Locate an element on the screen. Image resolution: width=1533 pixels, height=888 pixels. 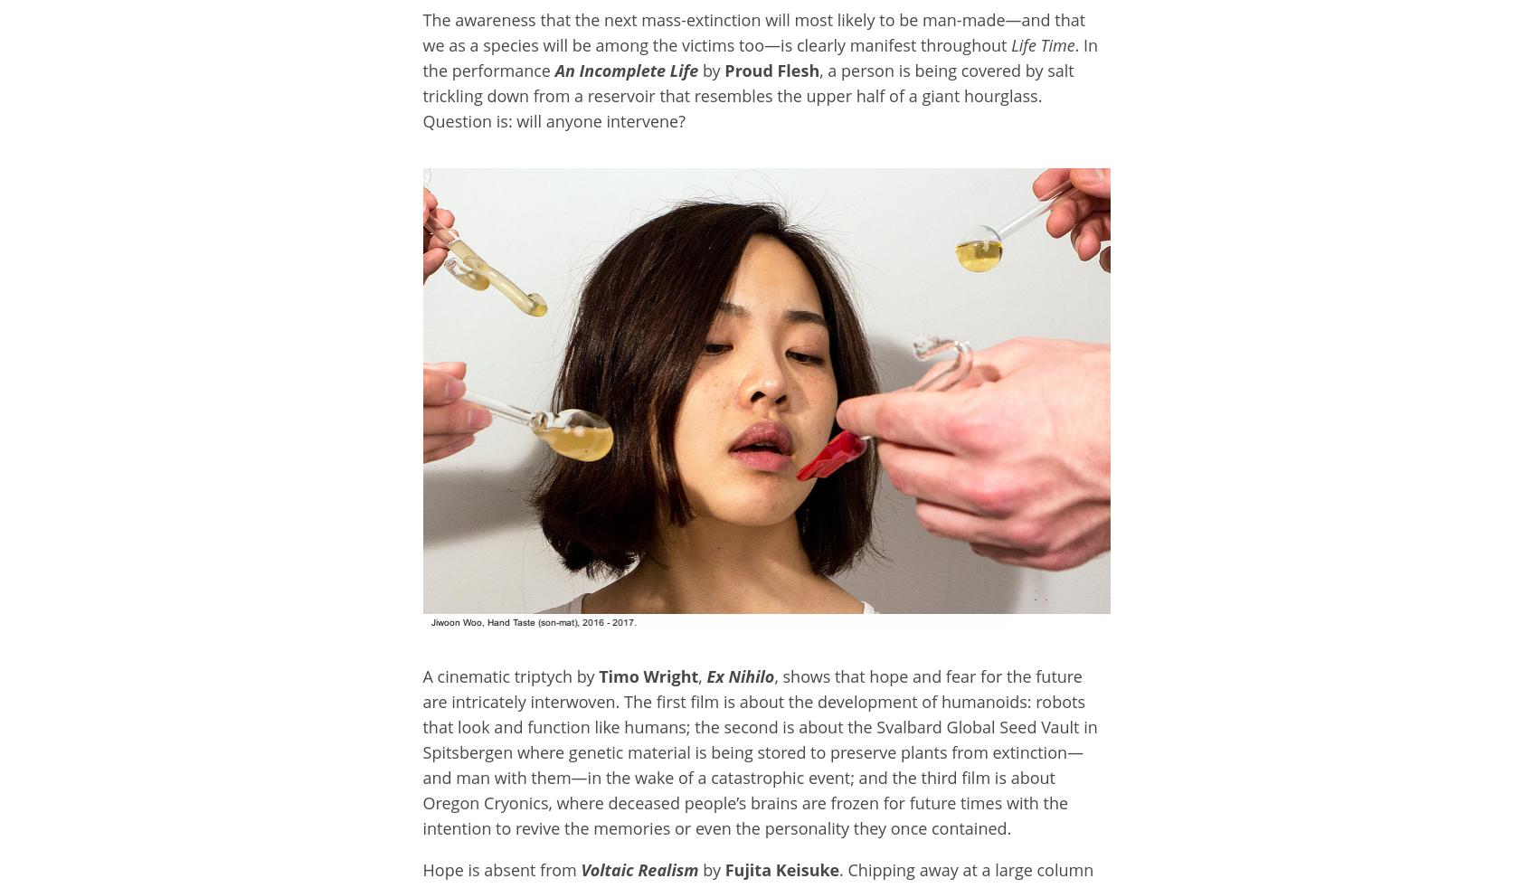
'An Incomplete Life' is located at coordinates (554, 69).